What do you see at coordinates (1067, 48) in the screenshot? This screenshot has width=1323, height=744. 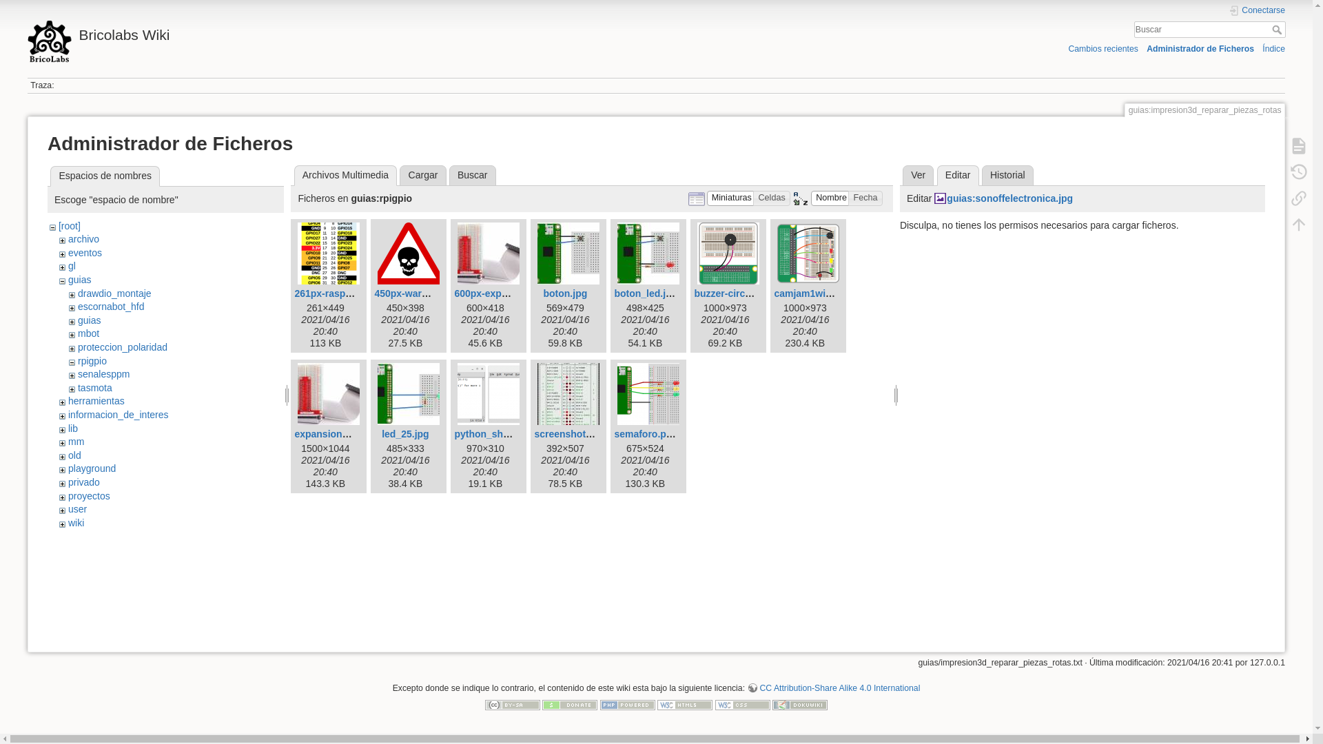 I see `'Cambios recientes'` at bounding box center [1067, 48].